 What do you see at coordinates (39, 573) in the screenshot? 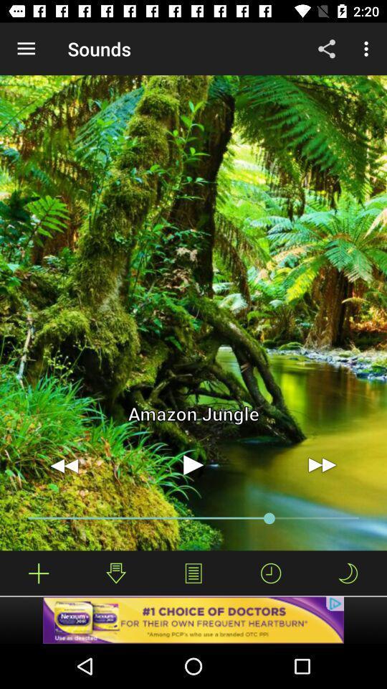
I see `increase` at bounding box center [39, 573].